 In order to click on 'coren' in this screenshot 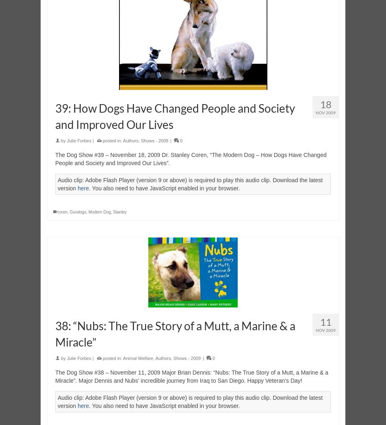, I will do `click(62, 211)`.